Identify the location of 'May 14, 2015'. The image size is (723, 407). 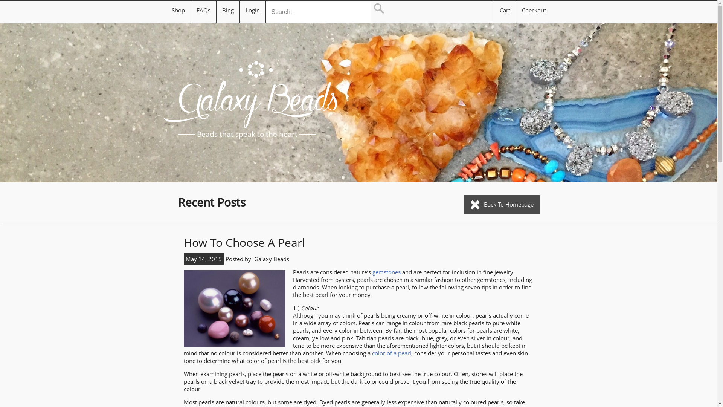
(203, 258).